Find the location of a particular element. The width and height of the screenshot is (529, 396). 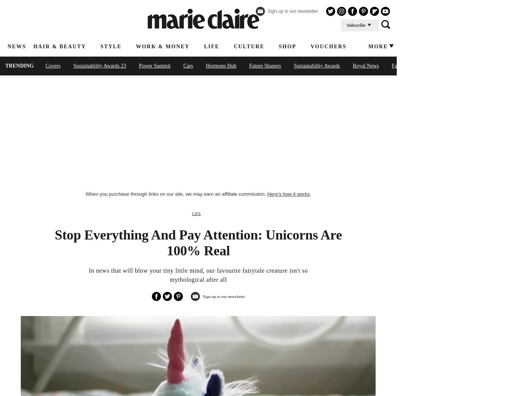

'Royal News' is located at coordinates (365, 66).